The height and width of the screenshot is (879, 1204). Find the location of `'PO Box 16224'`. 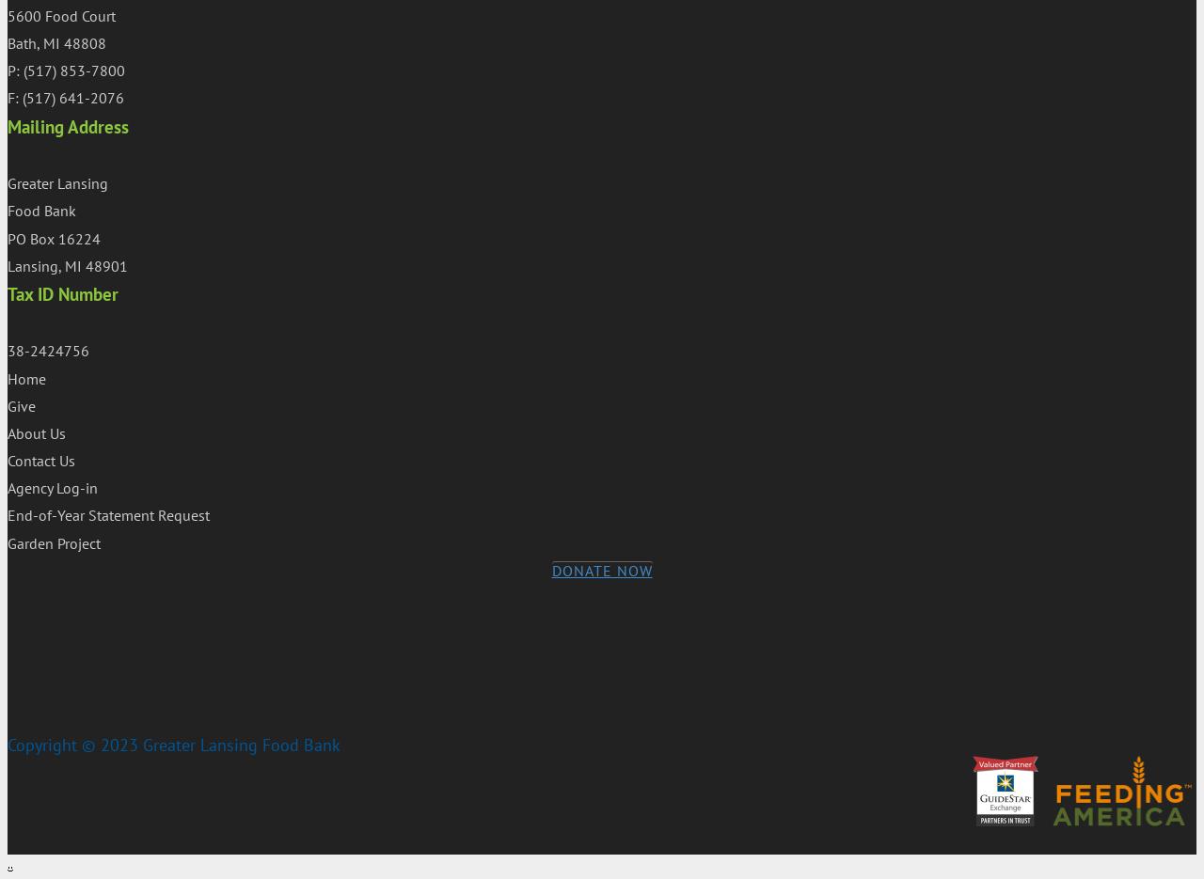

'PO Box 16224' is located at coordinates (54, 238).